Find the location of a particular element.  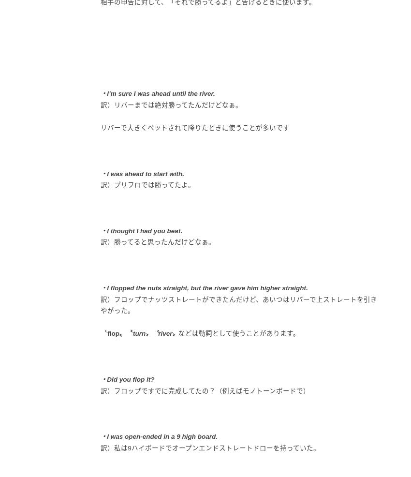

'・I was ahead to start with.' is located at coordinates (142, 173).